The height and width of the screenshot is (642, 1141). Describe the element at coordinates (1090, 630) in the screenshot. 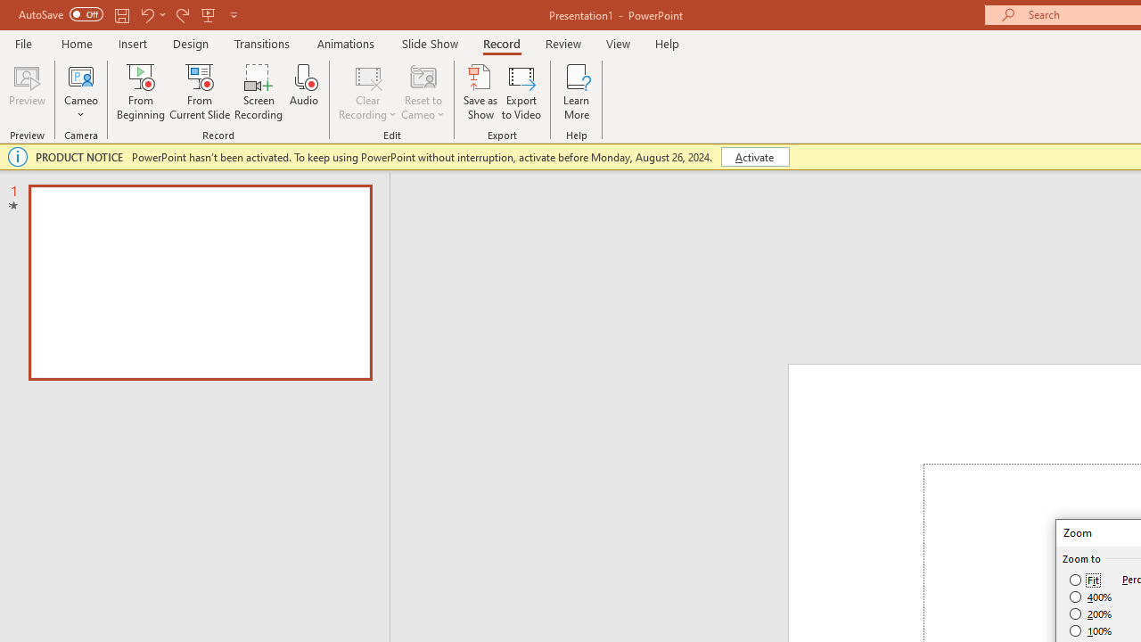

I see `'100%'` at that location.